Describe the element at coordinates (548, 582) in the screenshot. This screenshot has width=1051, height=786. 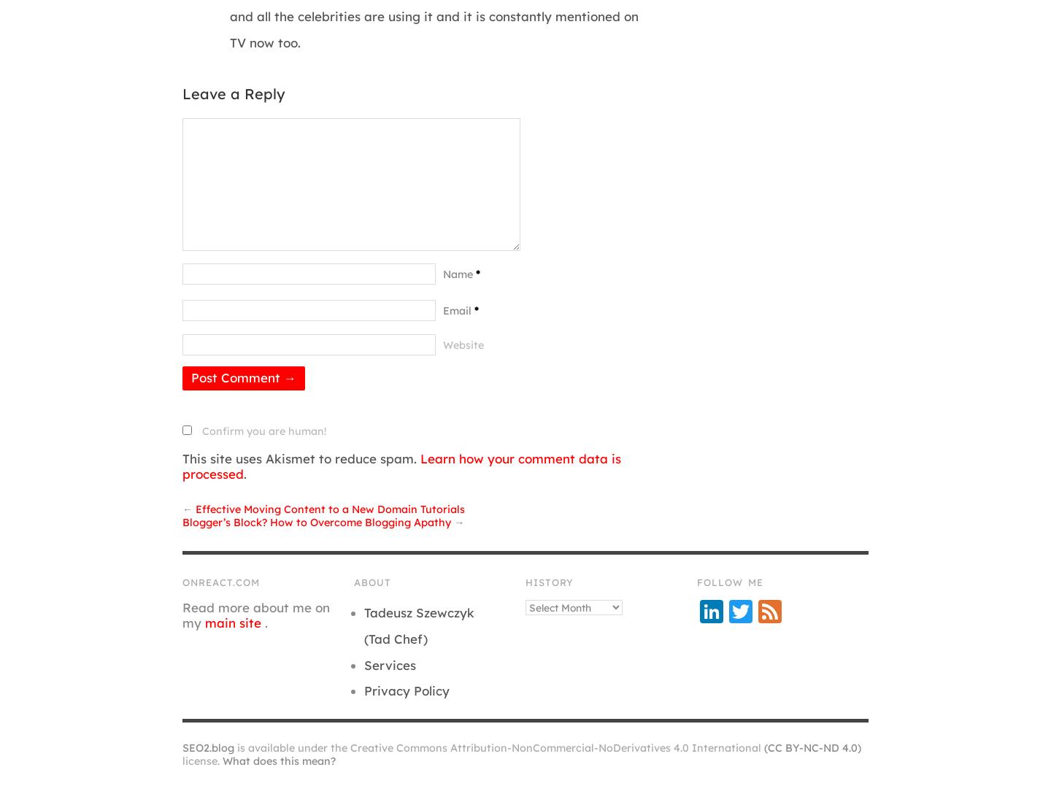
I see `'History'` at that location.